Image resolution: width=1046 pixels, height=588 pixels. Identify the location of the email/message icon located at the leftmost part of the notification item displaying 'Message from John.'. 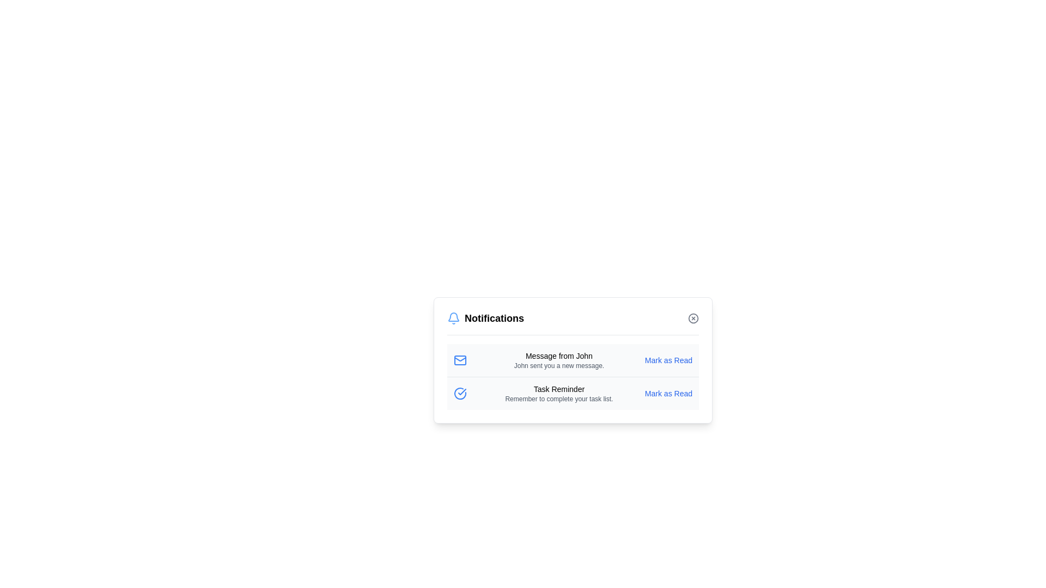
(460, 360).